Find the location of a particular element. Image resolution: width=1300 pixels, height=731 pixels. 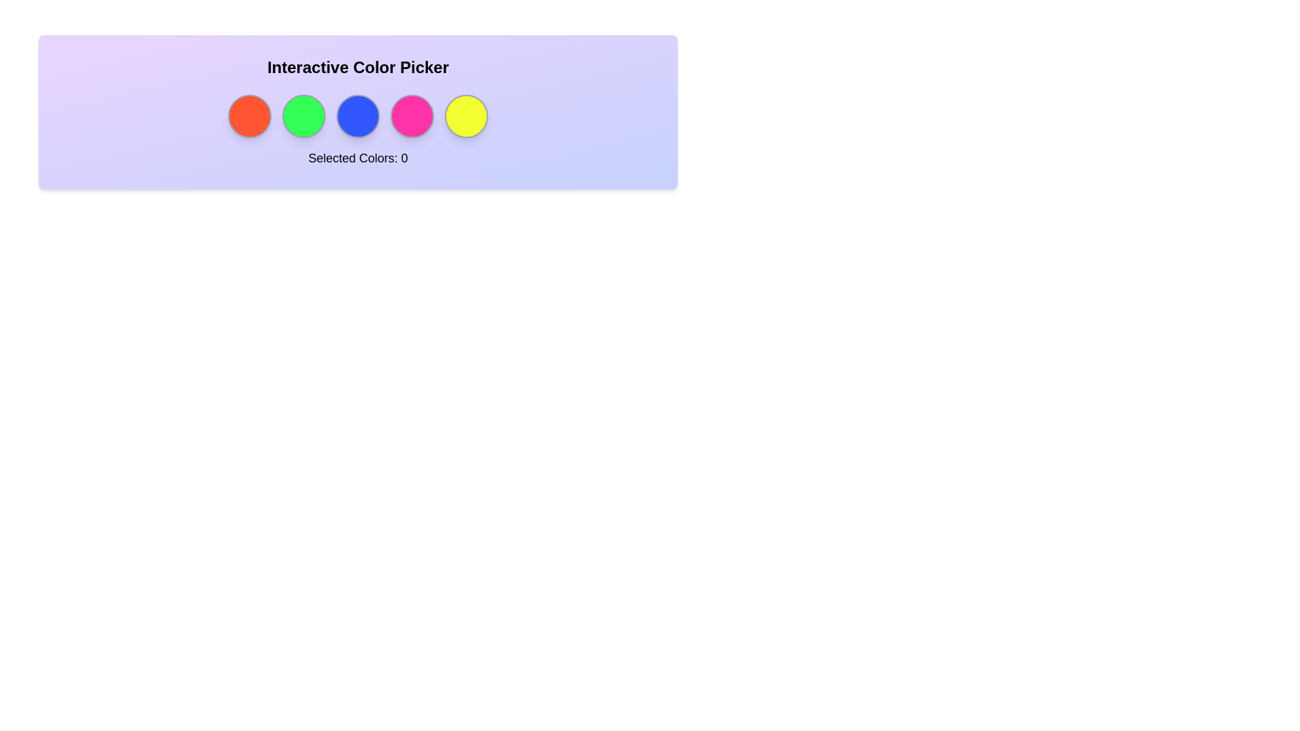

the circle corresponding to the color pink is located at coordinates (412, 116).